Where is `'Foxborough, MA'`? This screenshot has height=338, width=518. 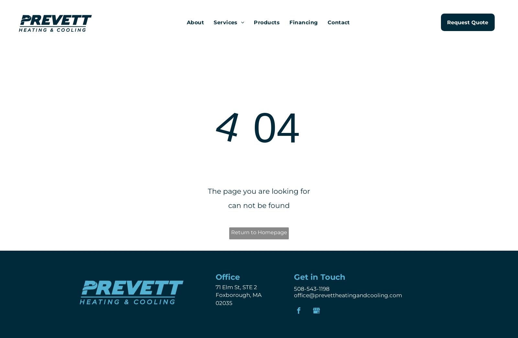
'Foxborough, MA' is located at coordinates (238, 295).